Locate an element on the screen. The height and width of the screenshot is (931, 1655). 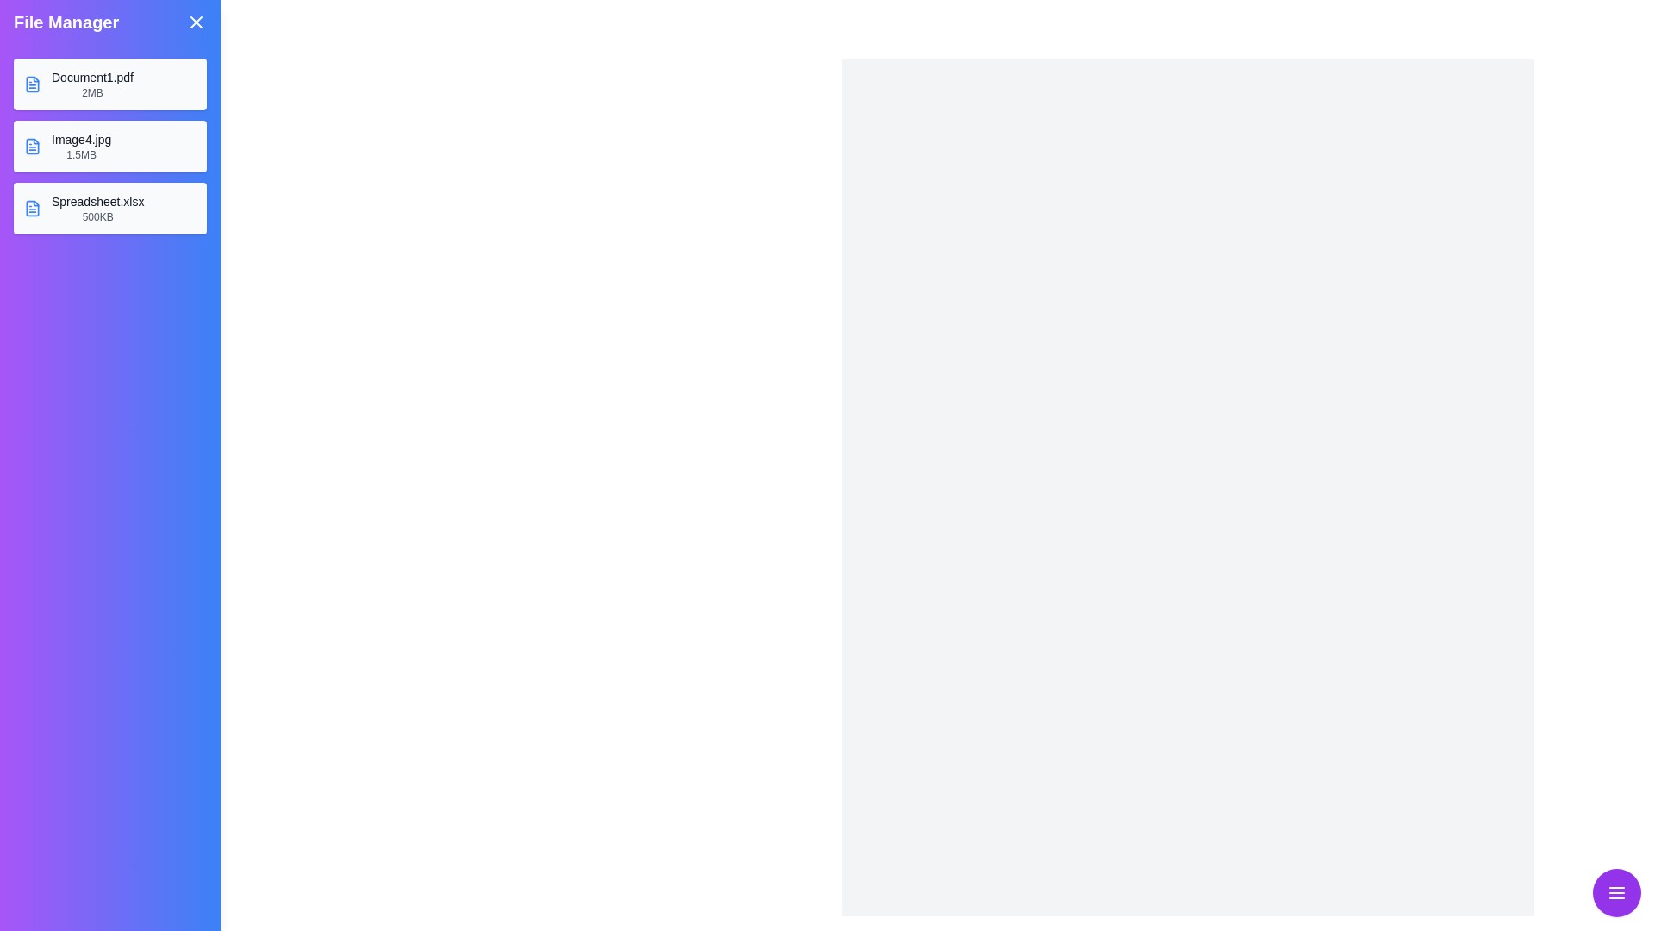
the static text label displaying '1.5MB' located under the filename 'Image4.jpg' in the 'File Manager' sidebar is located at coordinates (80, 155).